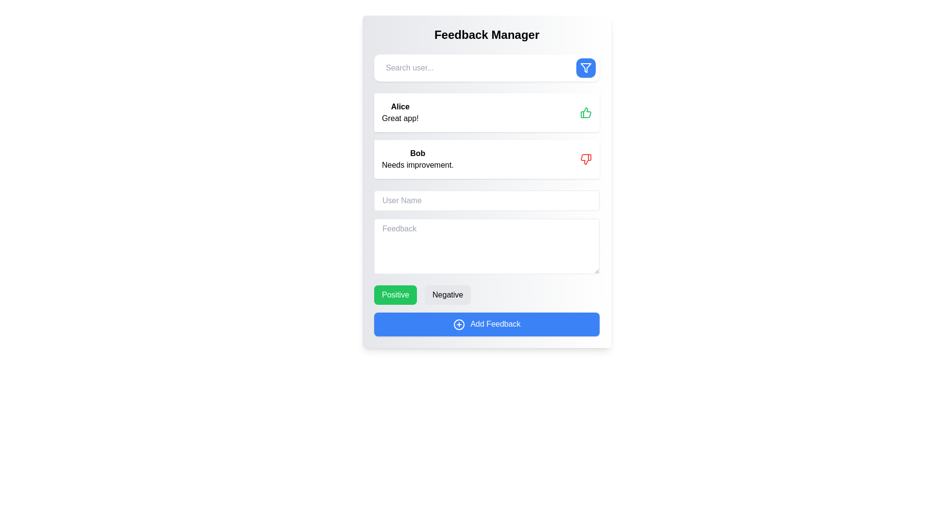 Image resolution: width=933 pixels, height=525 pixels. What do you see at coordinates (585, 112) in the screenshot?
I see `the thumbs-up icon, which is a green line-based SVG style icon indicating positive sentiment, positioned to the right of the text 'Bob' and above a thumbs-down icon` at bounding box center [585, 112].